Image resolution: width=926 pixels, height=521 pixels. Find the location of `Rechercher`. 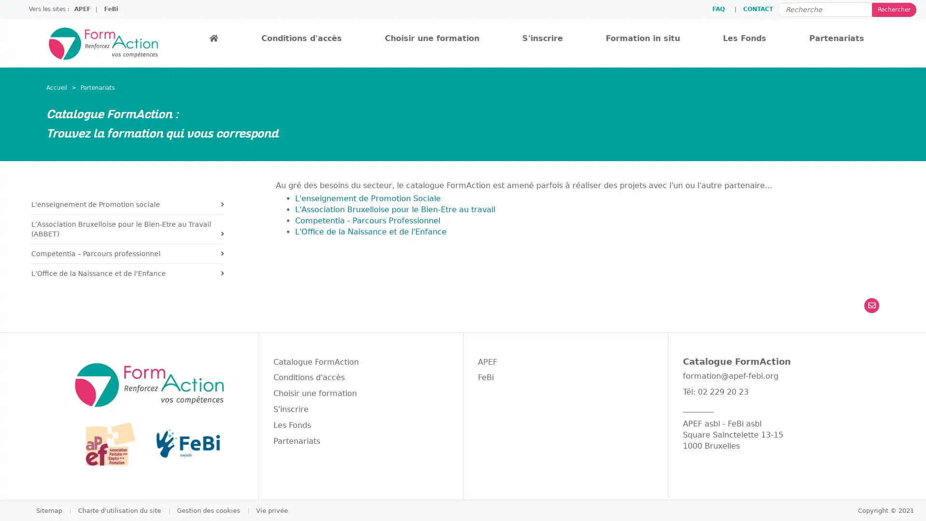

Rechercher is located at coordinates (893, 9).